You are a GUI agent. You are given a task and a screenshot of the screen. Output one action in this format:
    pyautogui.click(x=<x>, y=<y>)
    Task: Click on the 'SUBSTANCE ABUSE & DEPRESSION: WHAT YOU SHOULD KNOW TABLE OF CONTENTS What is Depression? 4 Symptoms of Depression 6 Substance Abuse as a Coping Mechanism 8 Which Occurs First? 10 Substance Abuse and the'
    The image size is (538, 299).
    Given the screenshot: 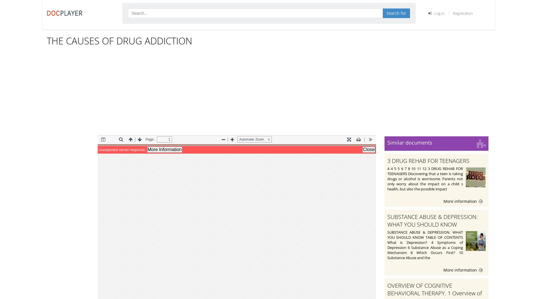 What is the action you would take?
    pyautogui.click(x=425, y=244)
    